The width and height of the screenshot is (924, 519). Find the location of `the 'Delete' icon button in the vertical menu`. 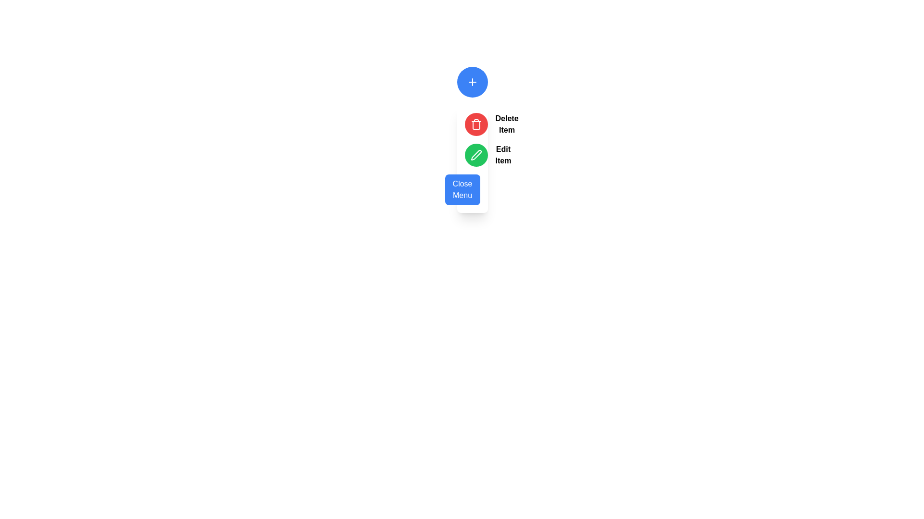

the 'Delete' icon button in the vertical menu is located at coordinates (476, 124).